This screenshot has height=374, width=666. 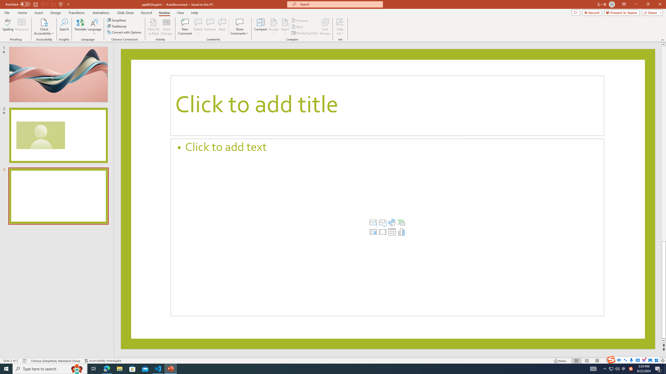 What do you see at coordinates (273, 27) in the screenshot?
I see `'Accept'` at bounding box center [273, 27].